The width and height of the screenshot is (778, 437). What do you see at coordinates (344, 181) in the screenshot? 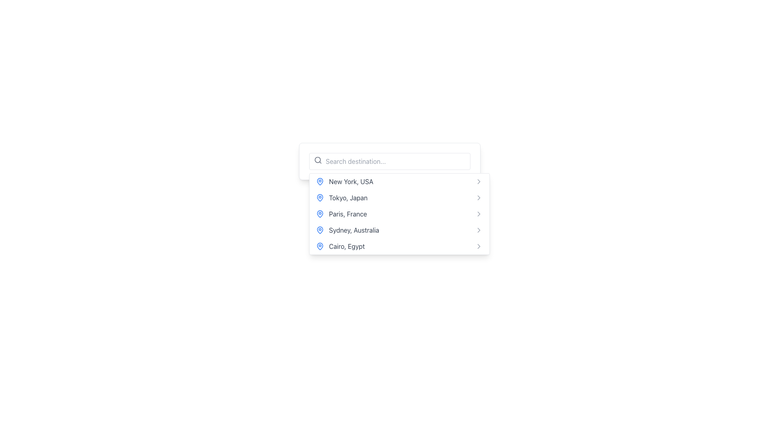
I see `the first selectable item in the dropdown list` at bounding box center [344, 181].